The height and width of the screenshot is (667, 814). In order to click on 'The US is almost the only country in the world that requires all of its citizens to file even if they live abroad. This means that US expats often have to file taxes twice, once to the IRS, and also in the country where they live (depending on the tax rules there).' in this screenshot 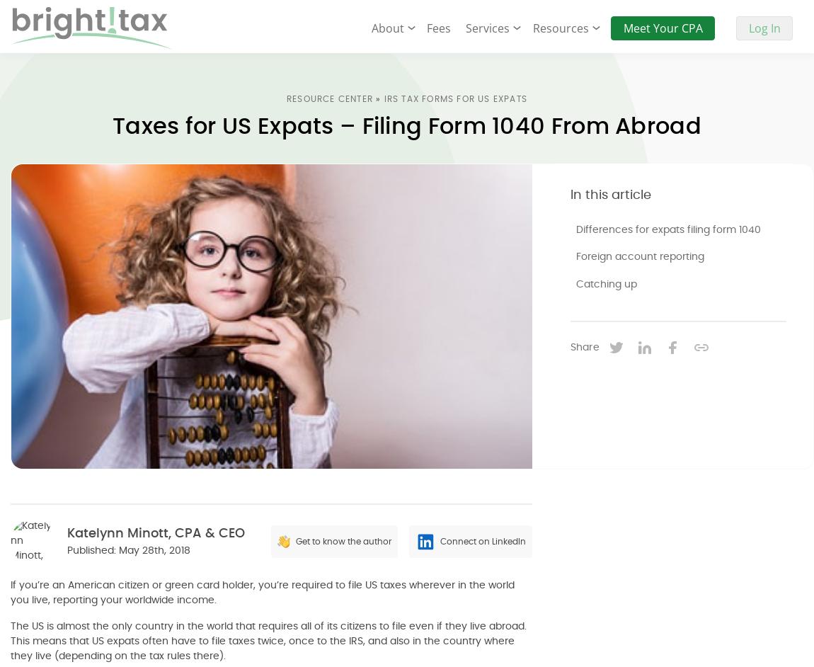, I will do `click(268, 641)`.